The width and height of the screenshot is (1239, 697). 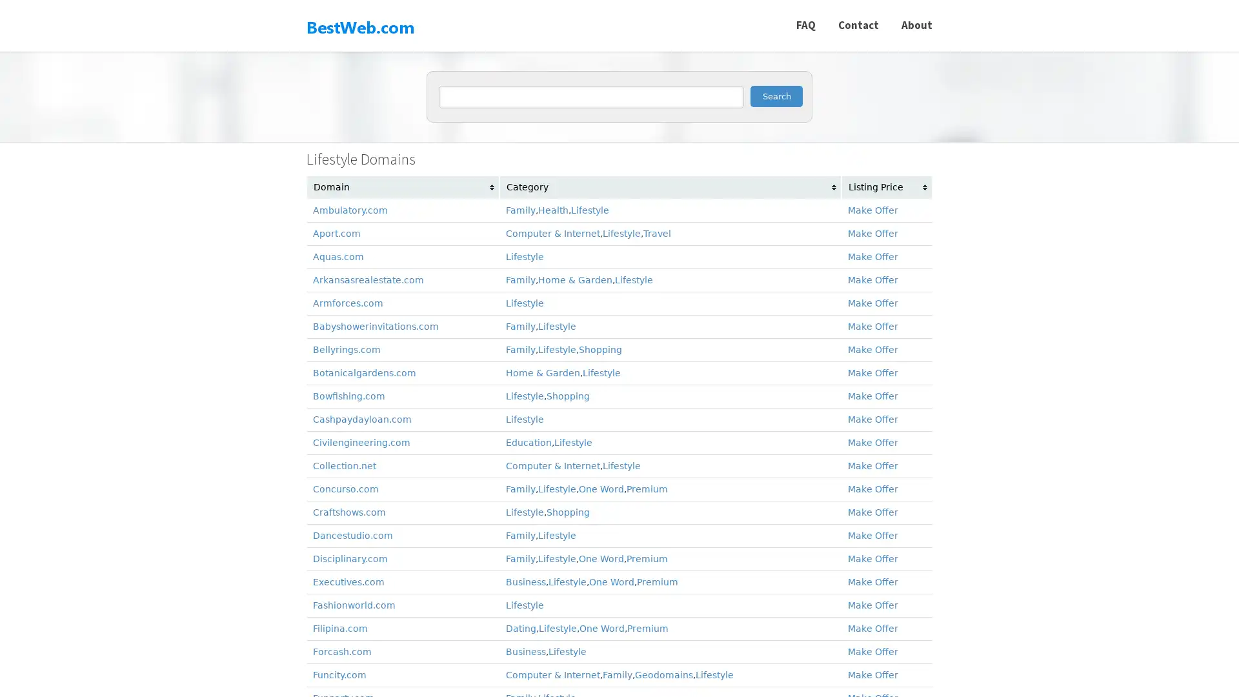 What do you see at coordinates (776, 96) in the screenshot?
I see `Search` at bounding box center [776, 96].